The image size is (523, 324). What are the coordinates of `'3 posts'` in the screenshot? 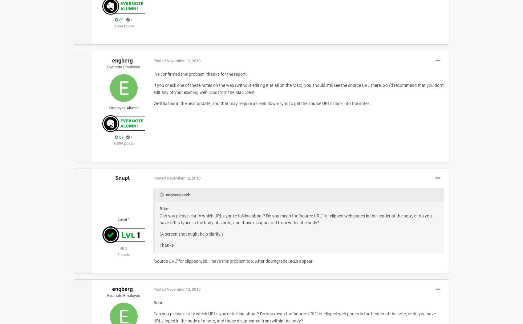 It's located at (124, 254).